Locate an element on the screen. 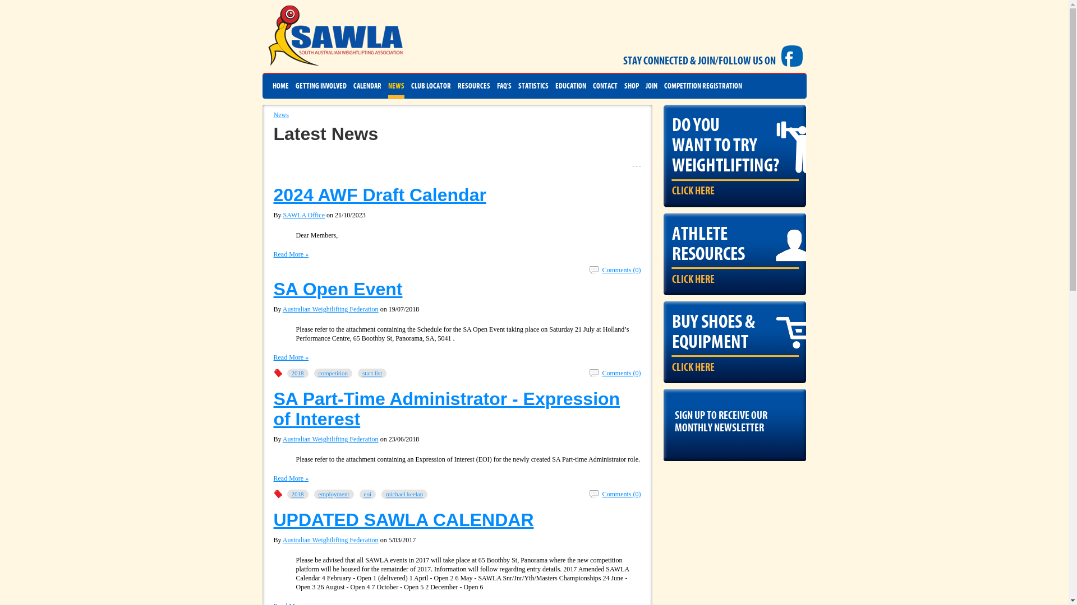  'michael keelan' is located at coordinates (404, 494).